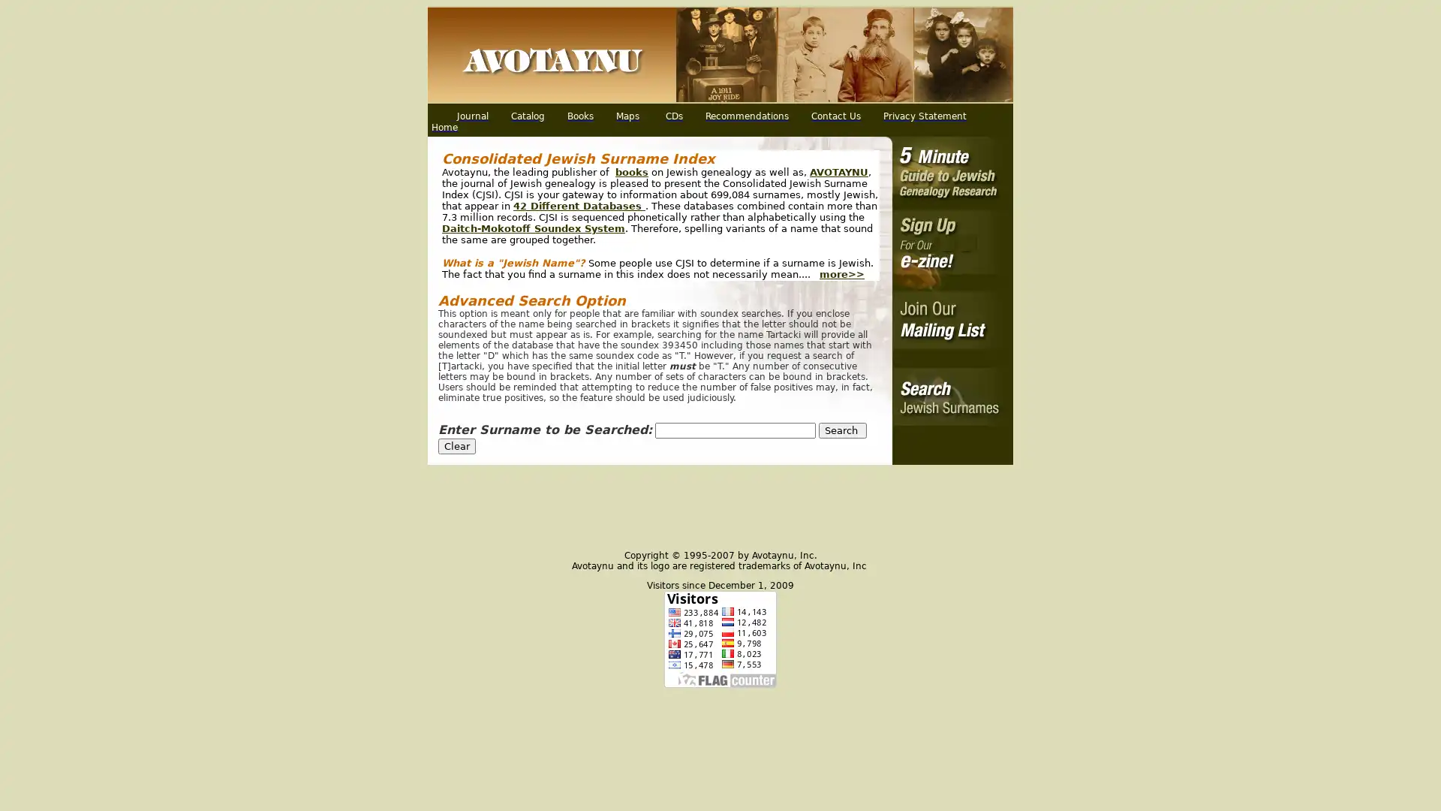 The height and width of the screenshot is (811, 1441). I want to click on Search, so click(843, 430).